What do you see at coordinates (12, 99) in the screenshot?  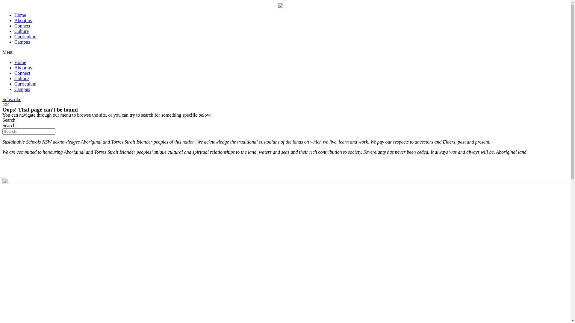 I see `'Subscribe'` at bounding box center [12, 99].